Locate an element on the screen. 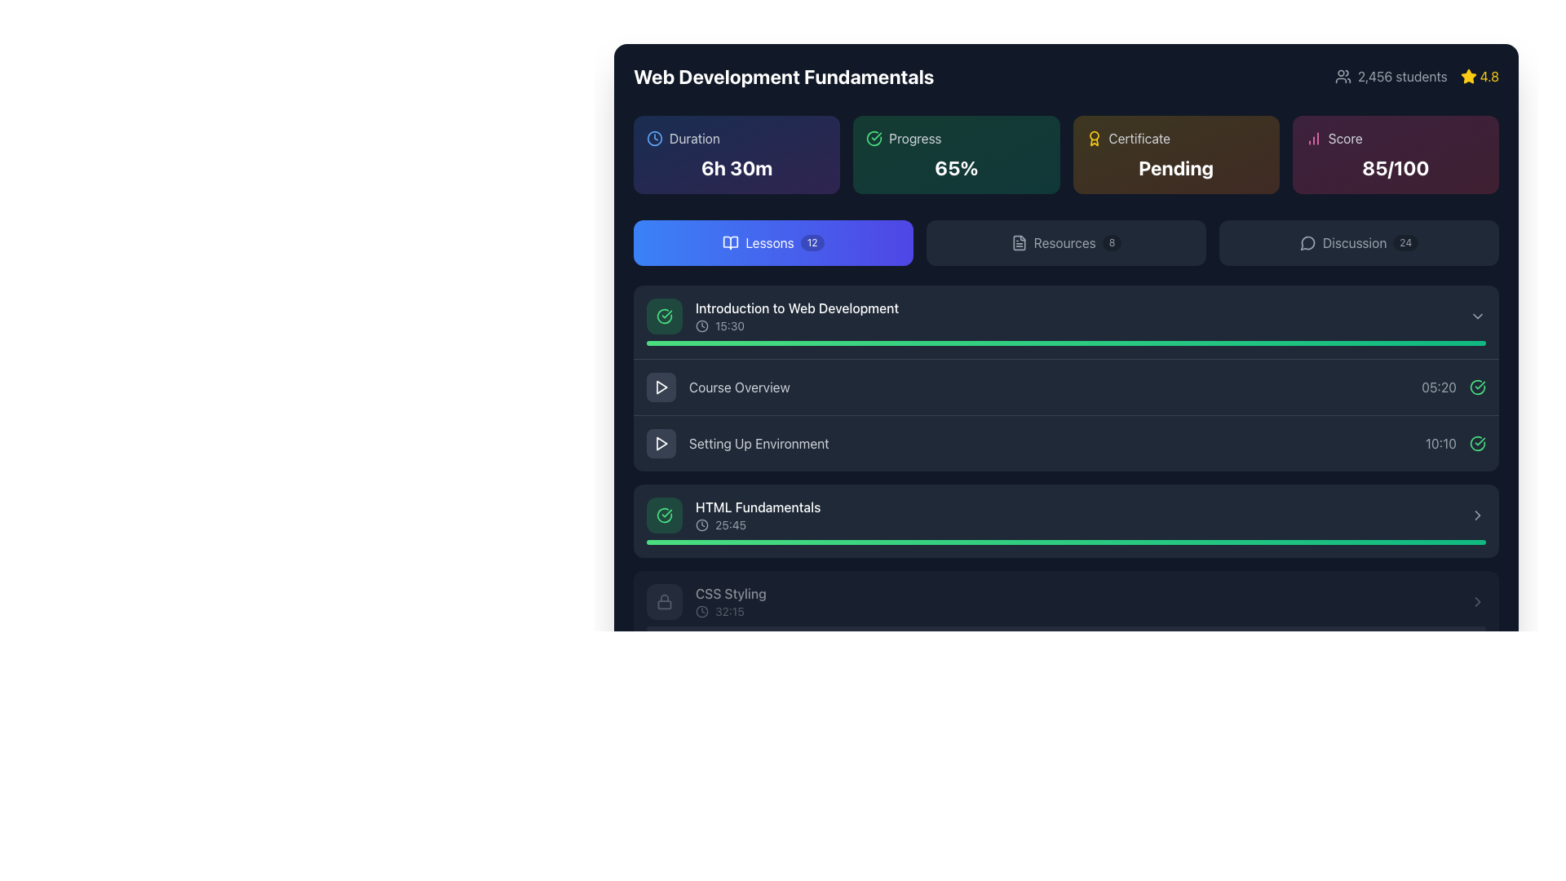 The width and height of the screenshot is (1566, 881). the text label 'Setting Up Environment', which is the third lesson in the sequence within the lesson items list is located at coordinates (737, 443).